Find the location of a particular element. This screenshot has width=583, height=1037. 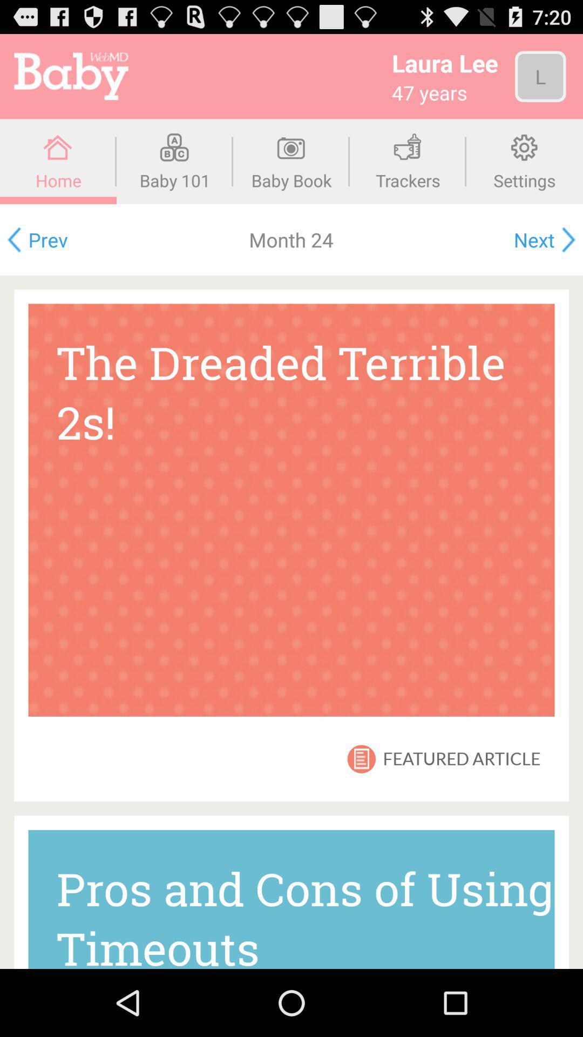

the item next to featured article icon is located at coordinates (361, 758).